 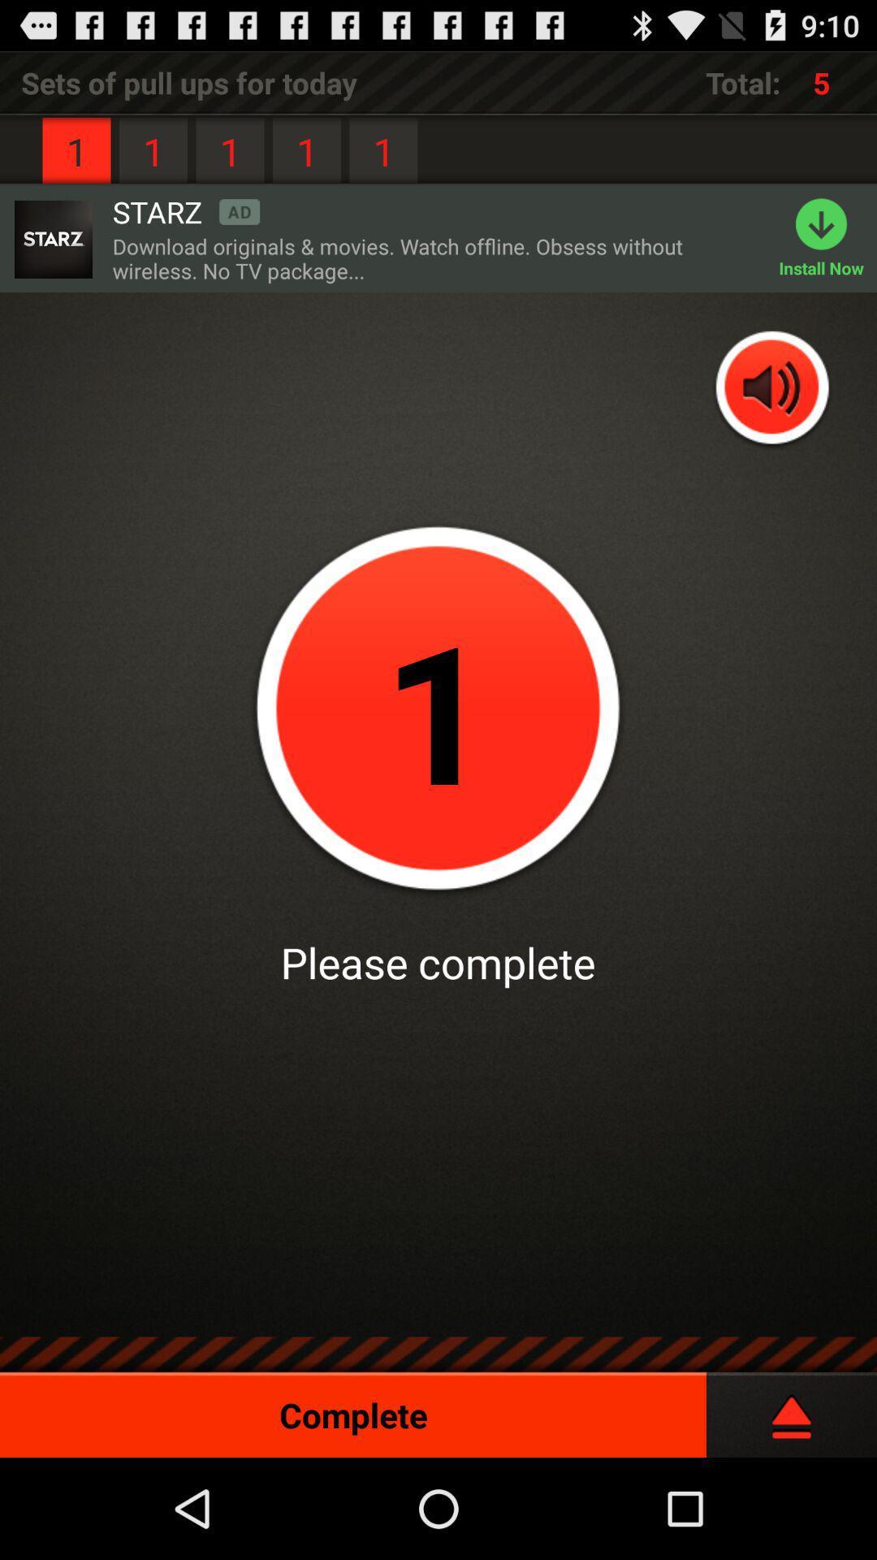 I want to click on sound, so click(x=772, y=388).